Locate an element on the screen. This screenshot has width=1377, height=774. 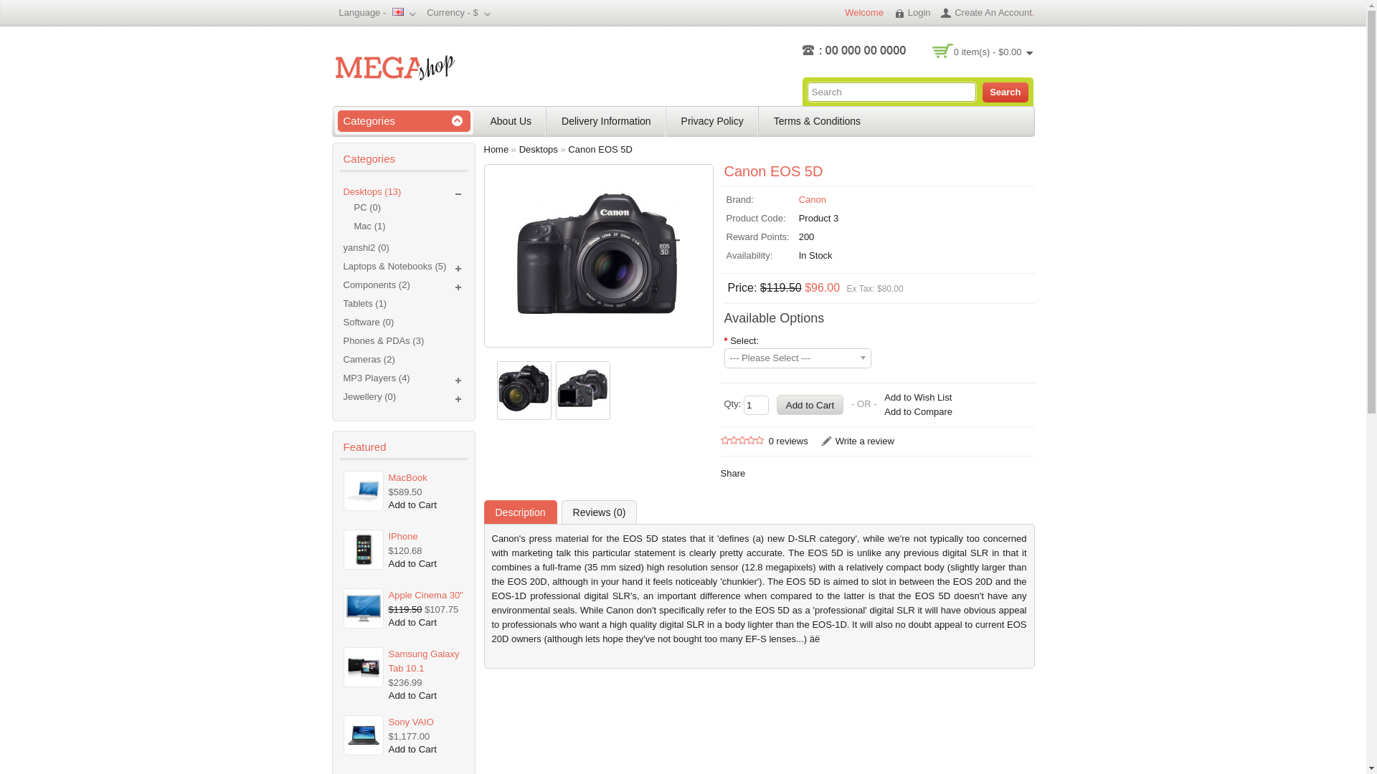
'Terms & Conditions' is located at coordinates (817, 120).